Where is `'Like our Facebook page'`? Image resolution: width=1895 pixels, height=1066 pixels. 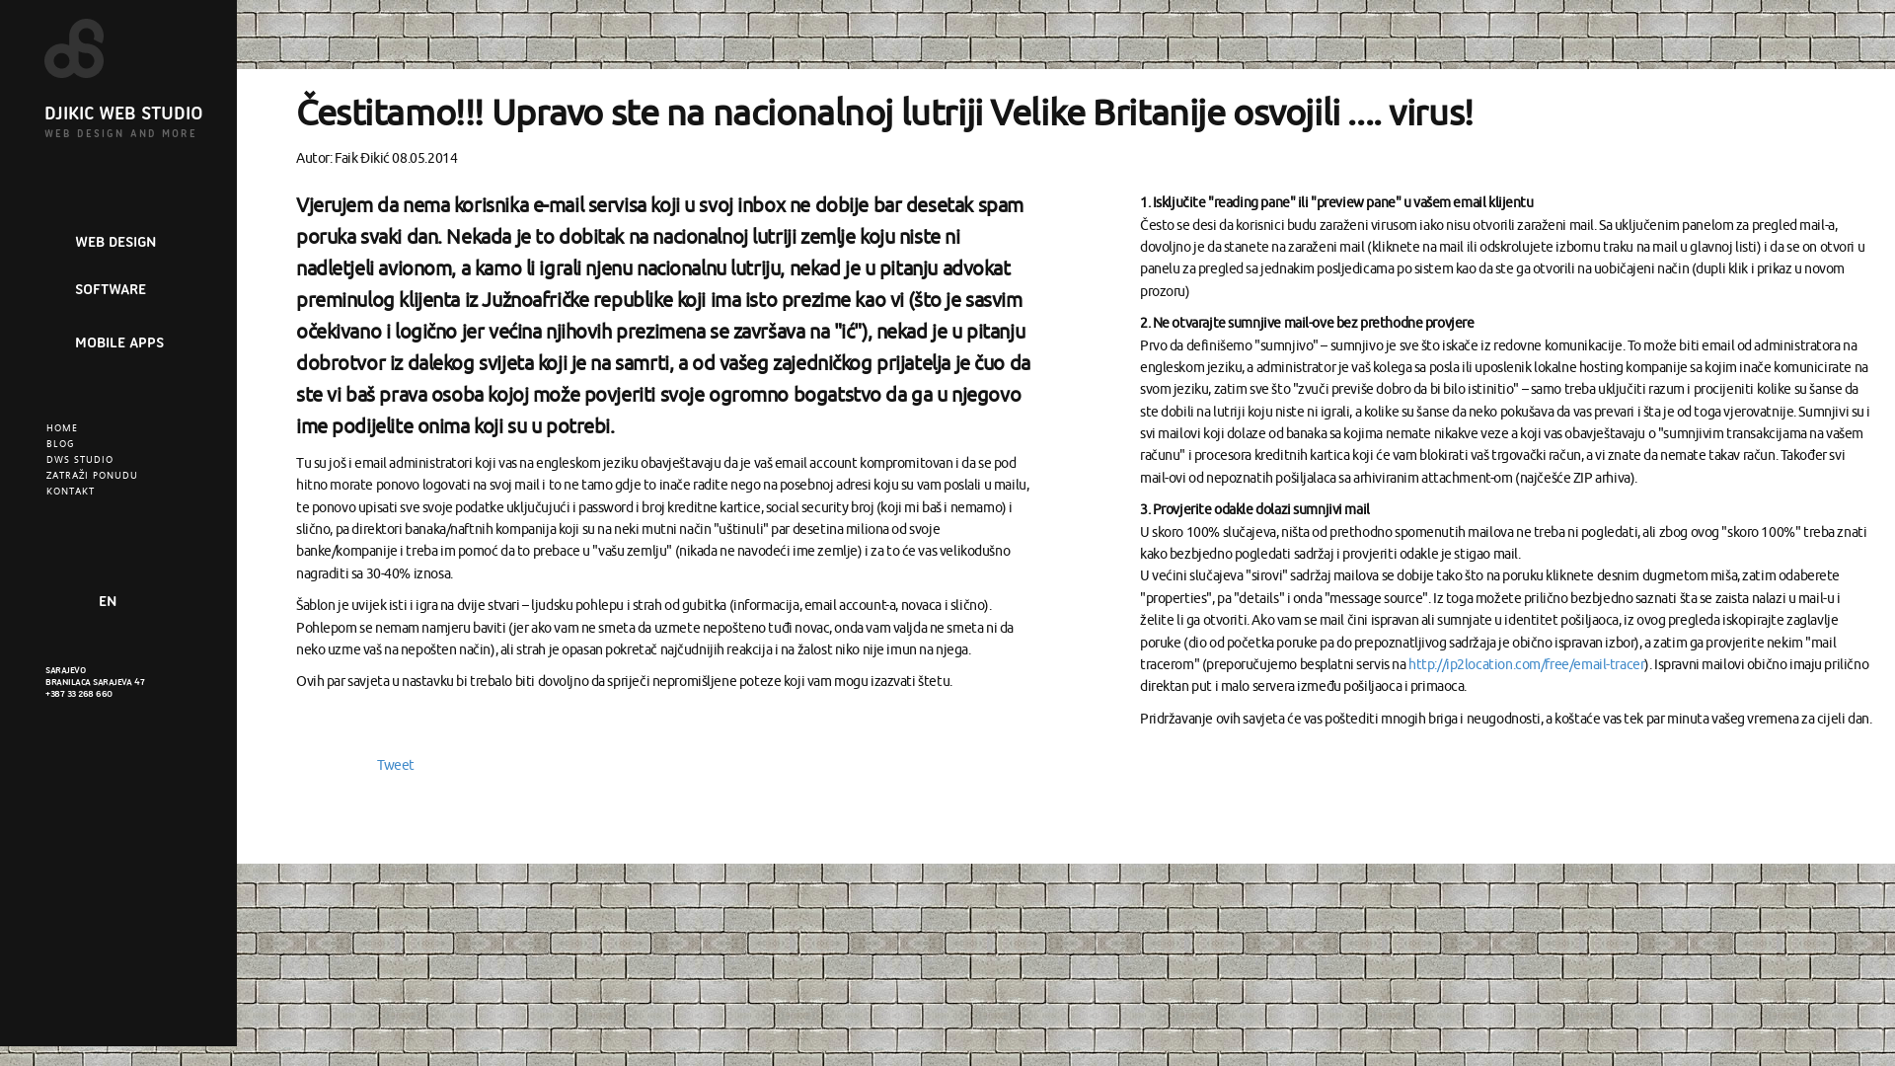
'Like our Facebook page' is located at coordinates (60, 600).